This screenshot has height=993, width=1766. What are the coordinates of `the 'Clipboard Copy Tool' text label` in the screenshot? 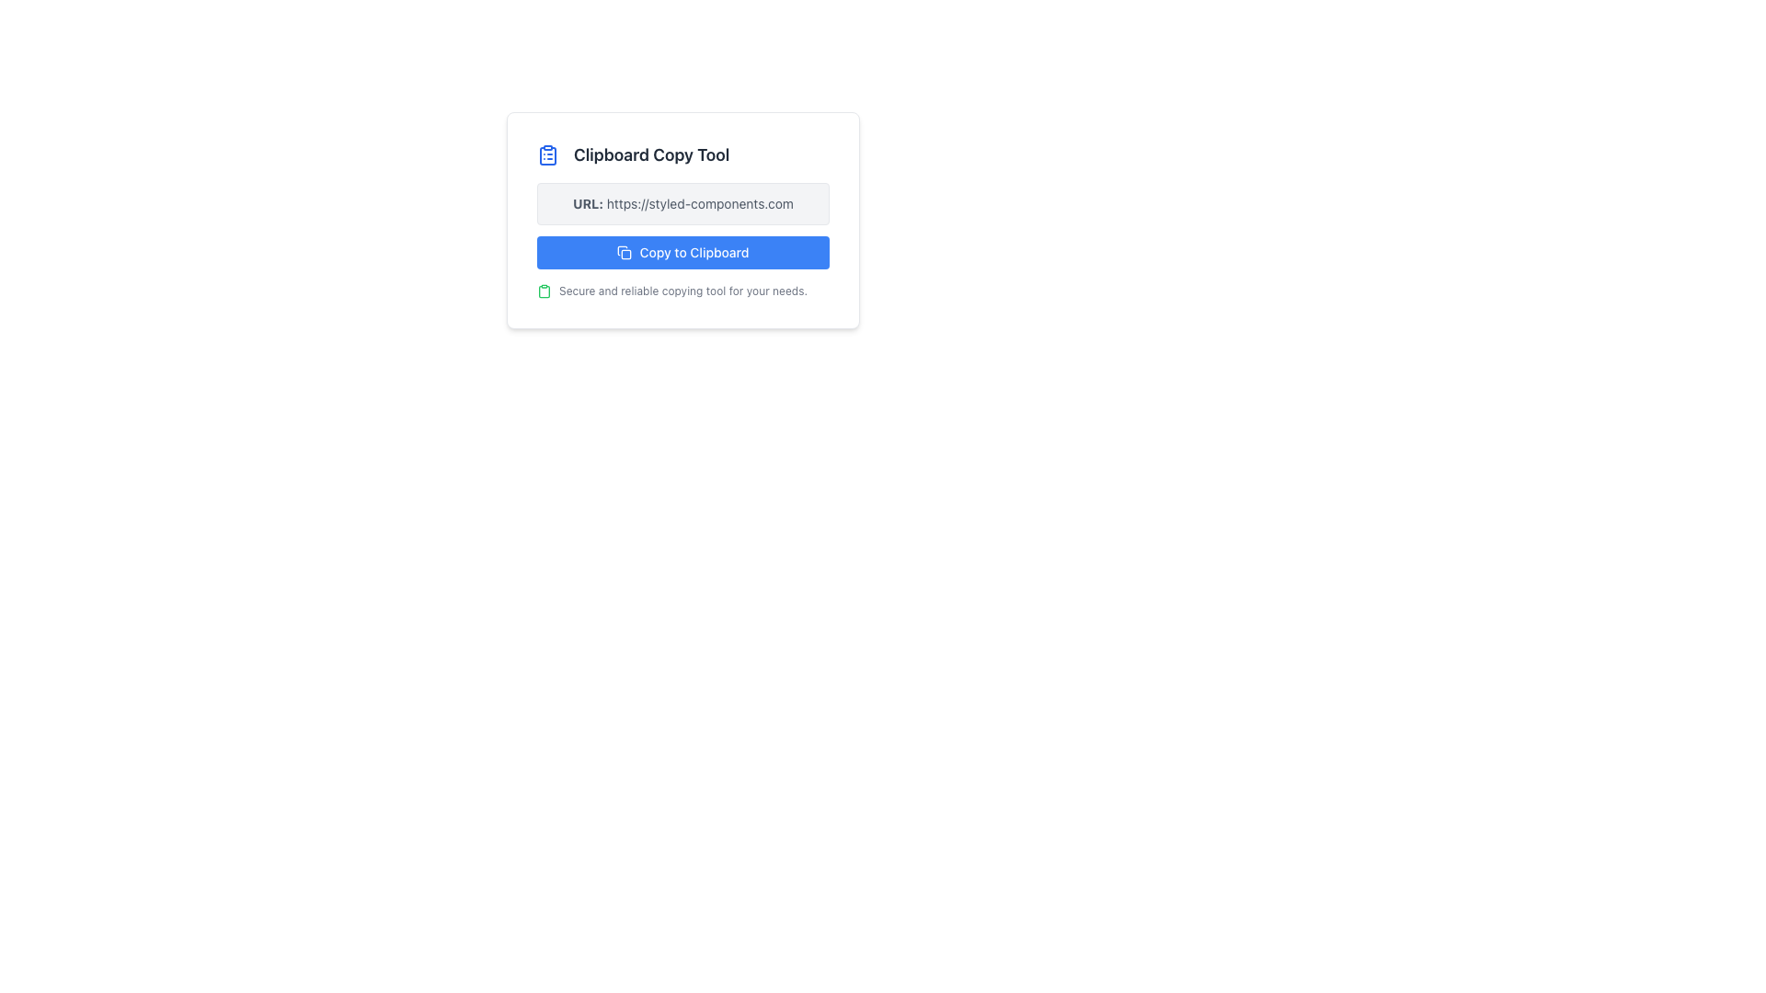 It's located at (682, 154).